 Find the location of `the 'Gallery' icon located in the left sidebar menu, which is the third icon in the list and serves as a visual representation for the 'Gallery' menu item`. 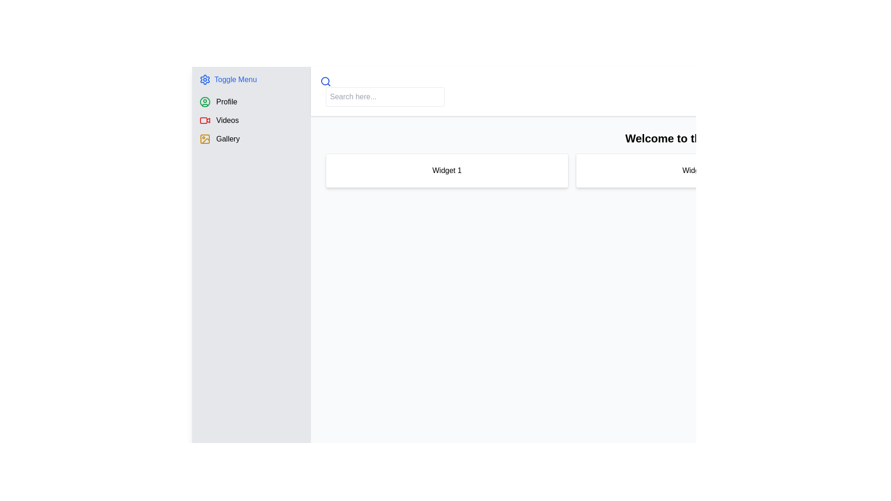

the 'Gallery' icon located in the left sidebar menu, which is the third icon in the list and serves as a visual representation for the 'Gallery' menu item is located at coordinates (204, 139).